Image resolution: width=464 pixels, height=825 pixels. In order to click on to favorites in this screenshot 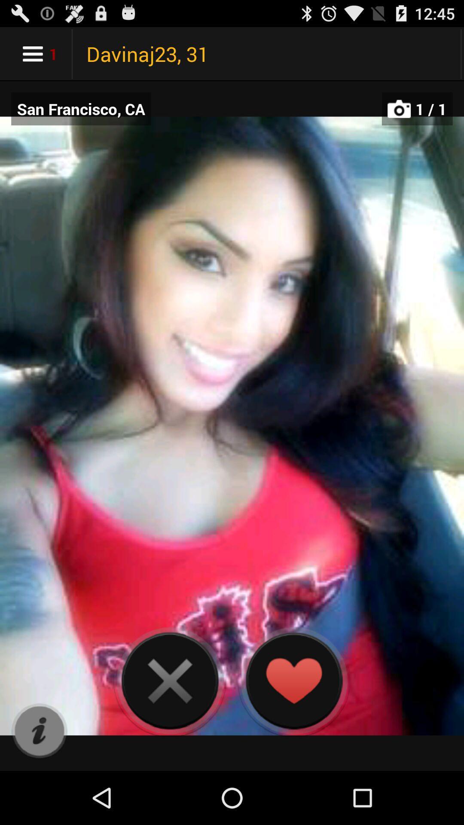, I will do `click(293, 680)`.